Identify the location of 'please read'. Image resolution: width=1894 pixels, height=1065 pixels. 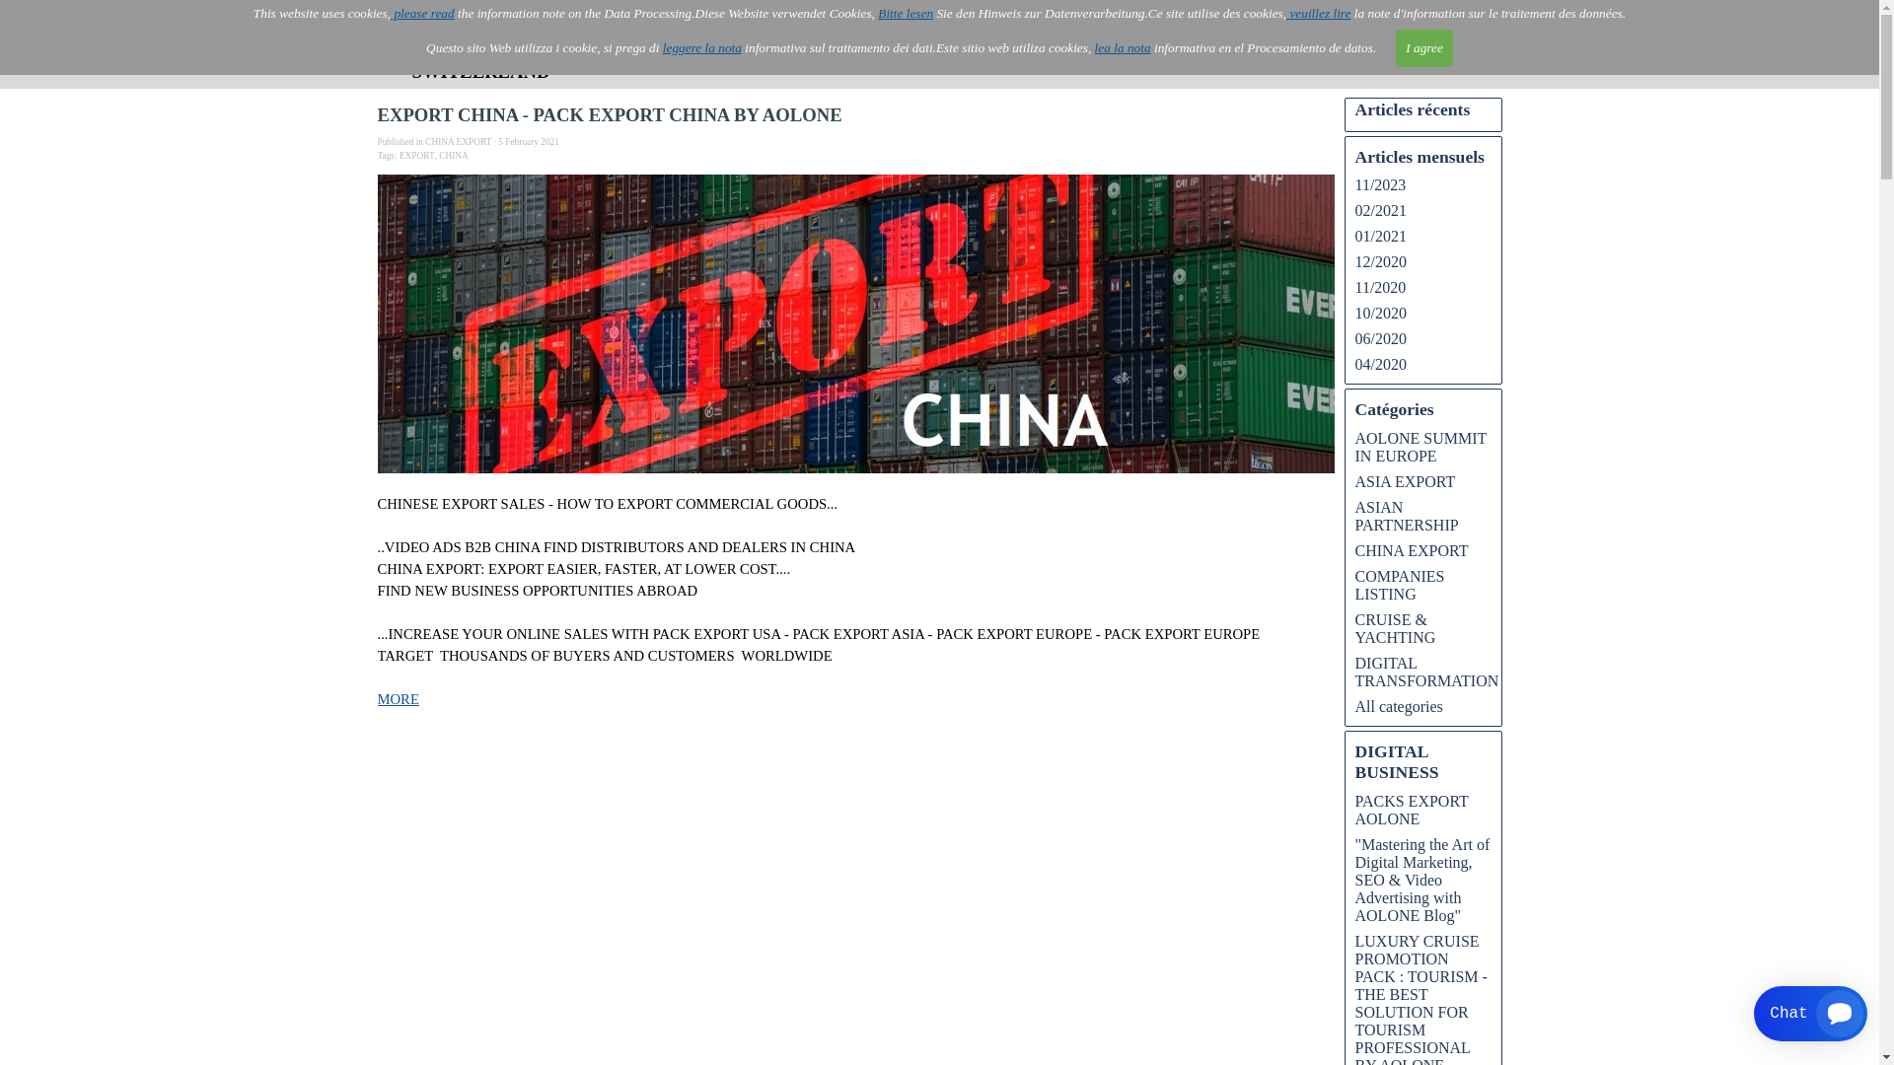
(421, 13).